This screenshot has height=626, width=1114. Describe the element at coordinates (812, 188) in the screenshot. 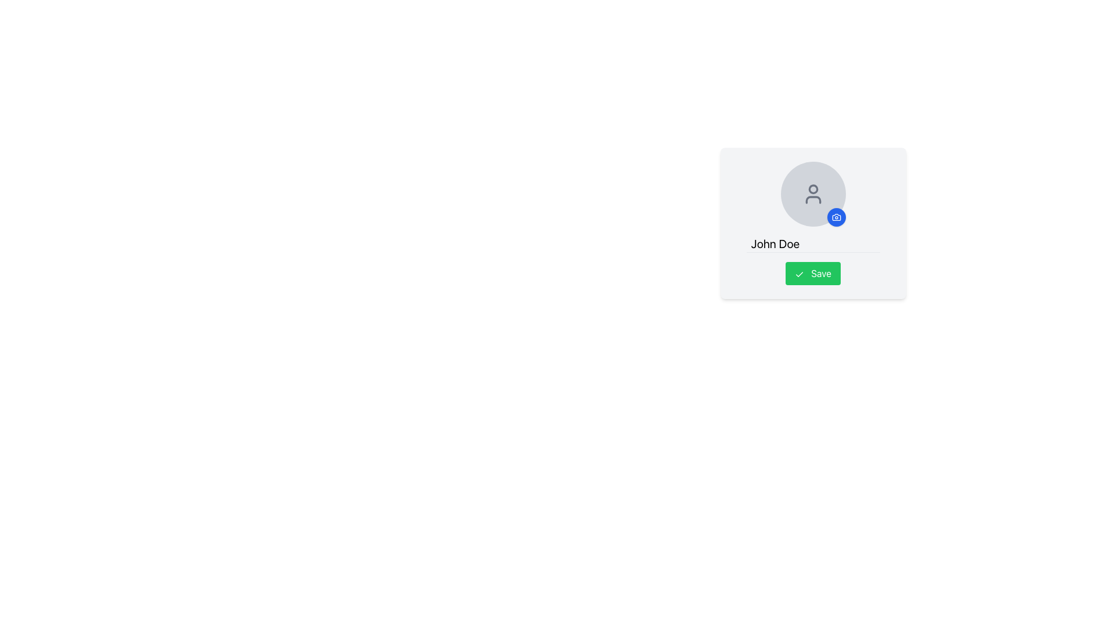

I see `the upper circular component of the user icon, which visually represents a head` at that location.